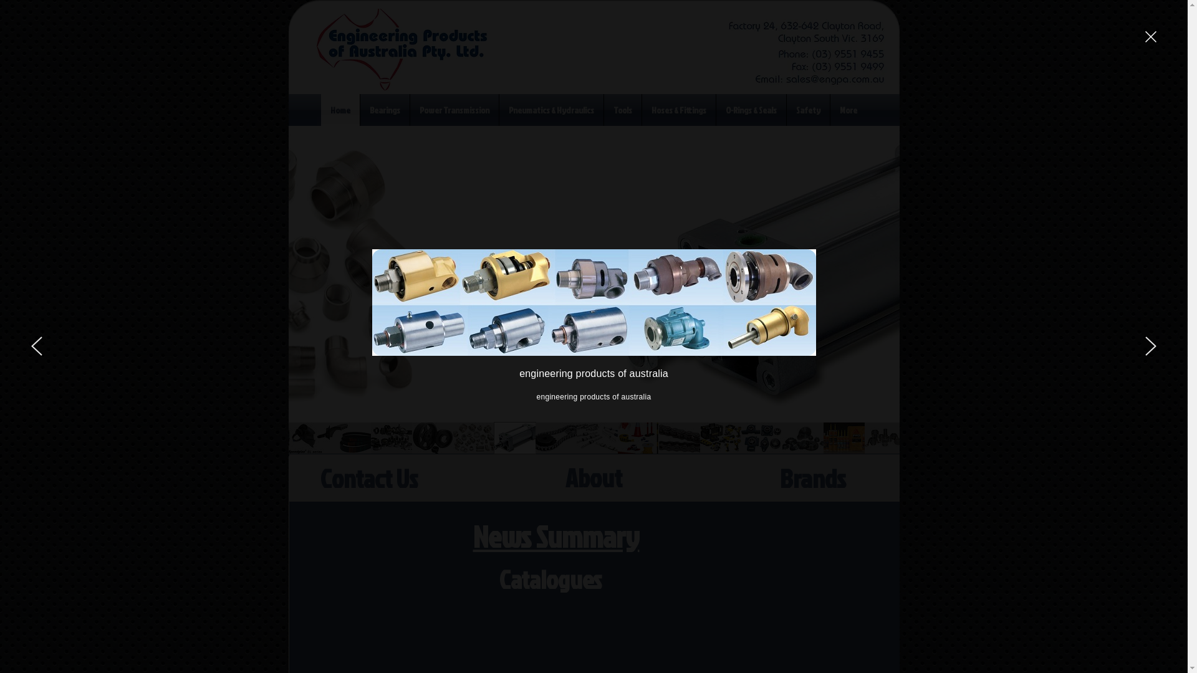 The image size is (1197, 673). I want to click on 'Home', so click(340, 108).